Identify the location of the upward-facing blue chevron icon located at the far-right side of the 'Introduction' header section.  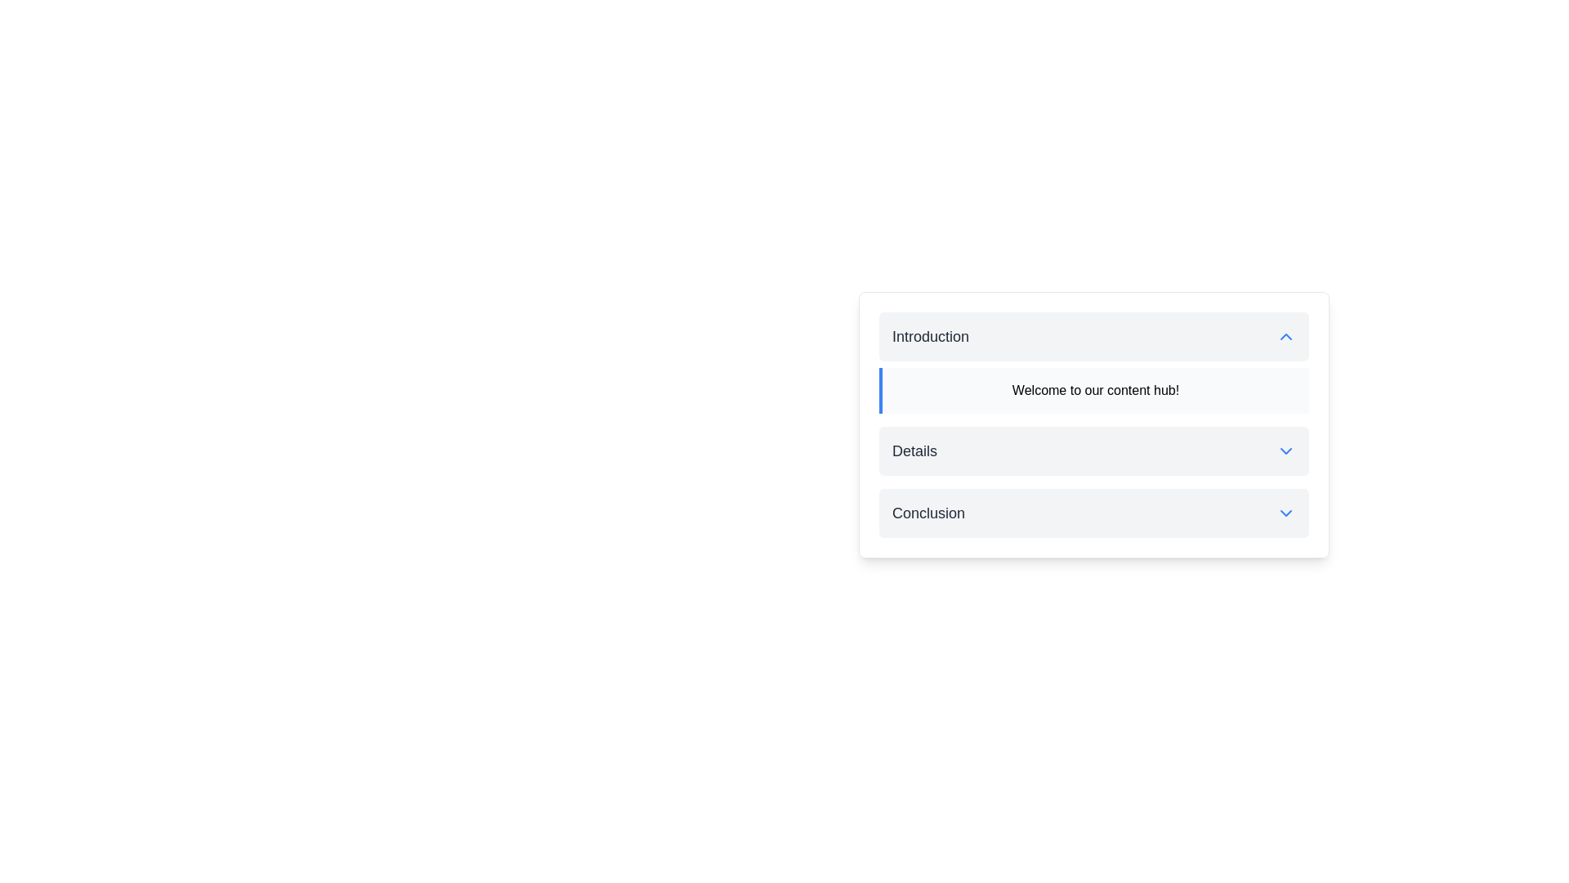
(1285, 336).